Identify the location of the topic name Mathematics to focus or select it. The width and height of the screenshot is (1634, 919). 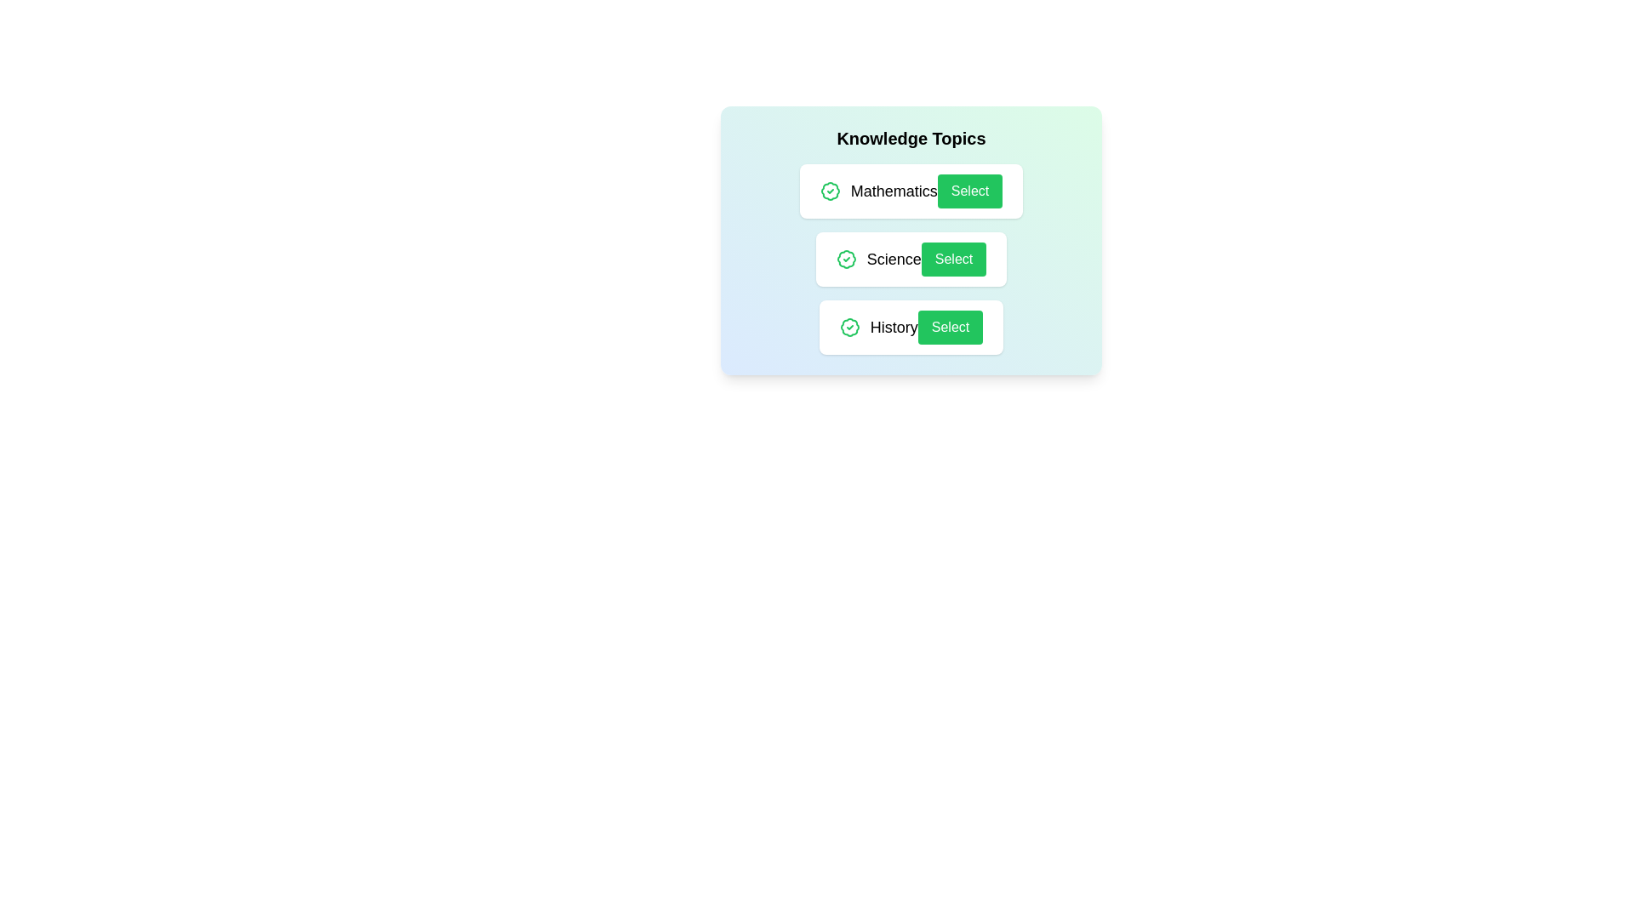
(893, 191).